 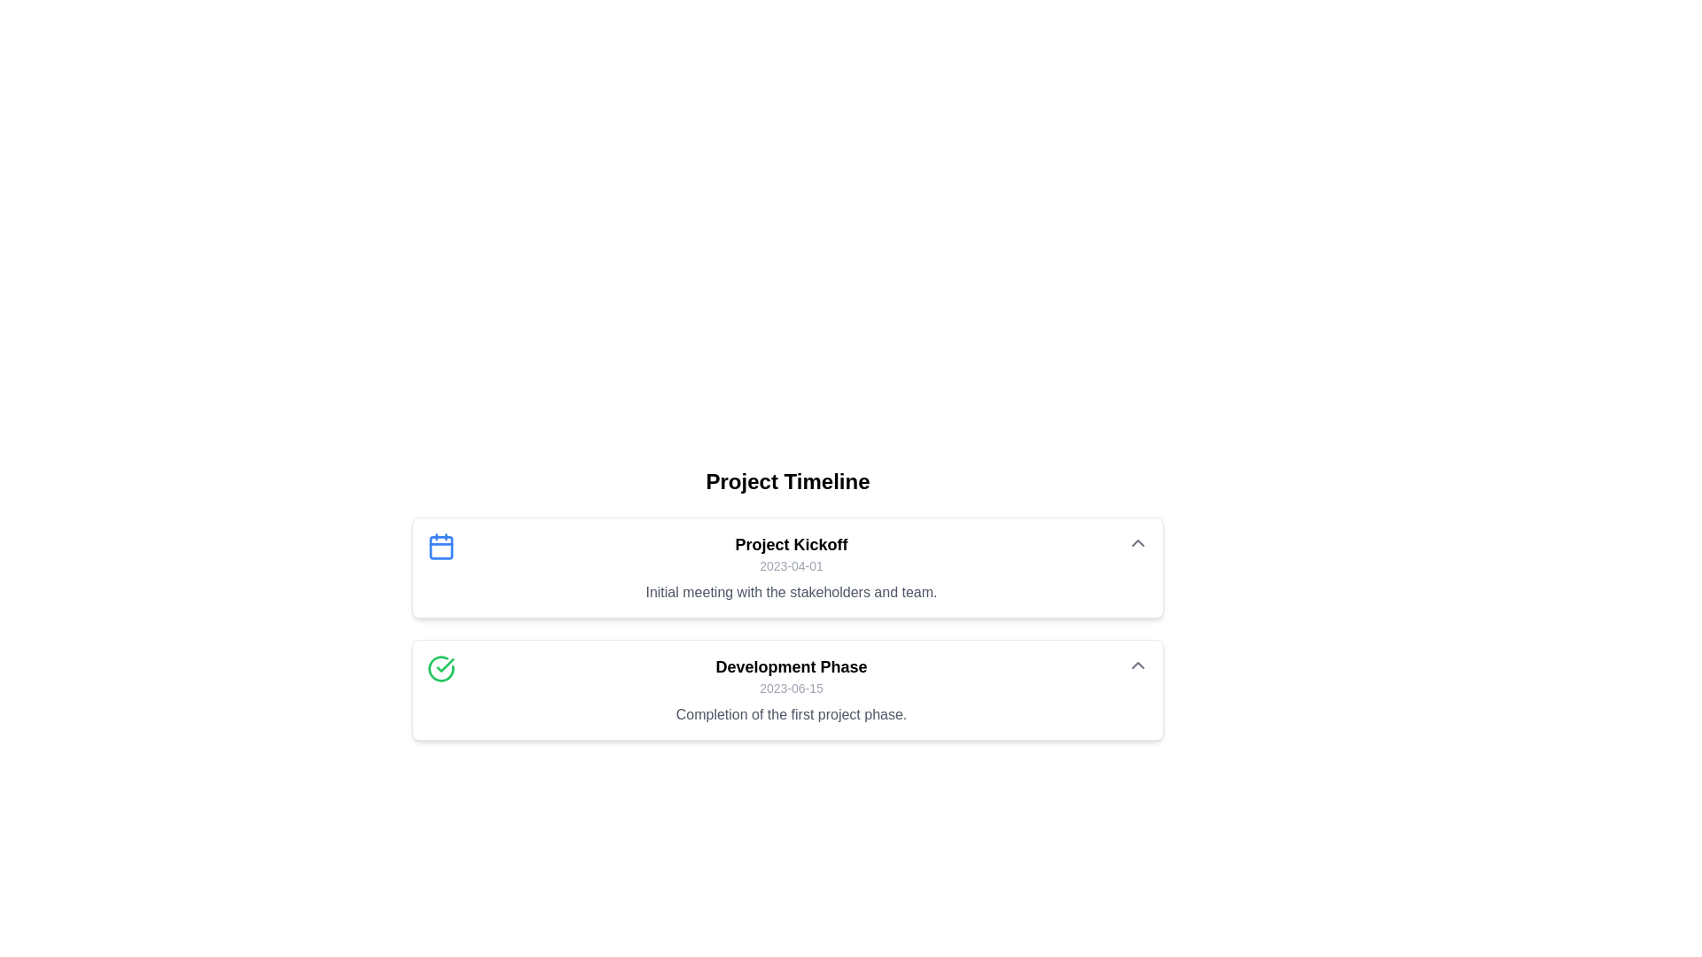 What do you see at coordinates (790, 567) in the screenshot?
I see `the Text Panel displaying the event titled 'Project Kickoff' in the project timeline, which includes the date and description of the event` at bounding box center [790, 567].